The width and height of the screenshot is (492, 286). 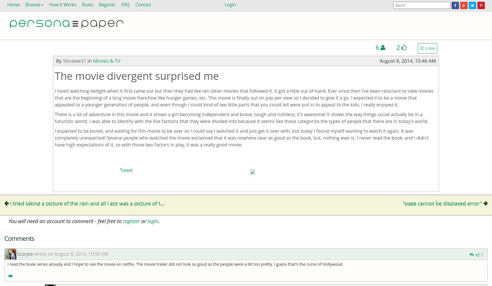 What do you see at coordinates (106, 60) in the screenshot?
I see `'Movies & TV'` at bounding box center [106, 60].